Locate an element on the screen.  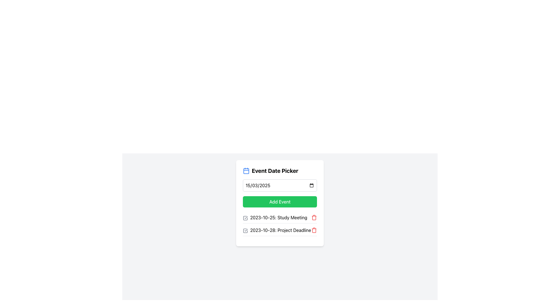
the date input field styled with a border and rounded corners, located below 'Event Date Picker' and above the 'Add Event' button is located at coordinates (280, 185).